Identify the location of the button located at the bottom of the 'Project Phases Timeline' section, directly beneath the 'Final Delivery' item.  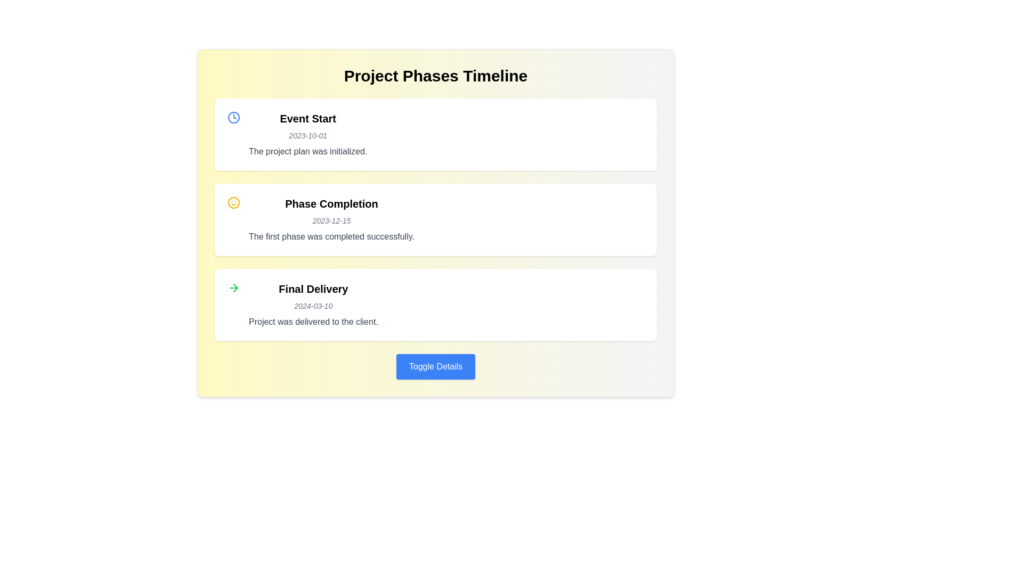
(435, 366).